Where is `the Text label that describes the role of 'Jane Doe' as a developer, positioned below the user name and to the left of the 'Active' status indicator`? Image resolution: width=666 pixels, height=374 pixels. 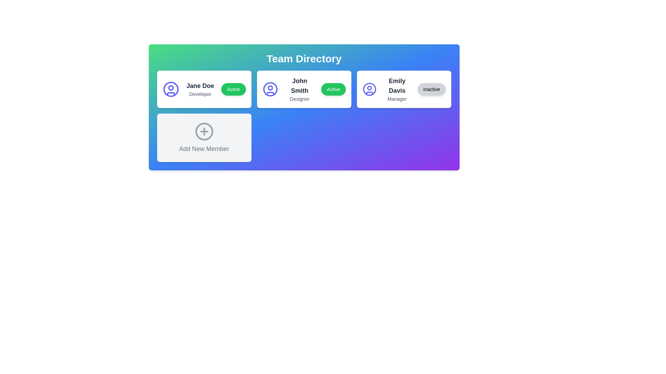
the Text label that describes the role of 'Jane Doe' as a developer, positioned below the user name and to the left of the 'Active' status indicator is located at coordinates (200, 94).